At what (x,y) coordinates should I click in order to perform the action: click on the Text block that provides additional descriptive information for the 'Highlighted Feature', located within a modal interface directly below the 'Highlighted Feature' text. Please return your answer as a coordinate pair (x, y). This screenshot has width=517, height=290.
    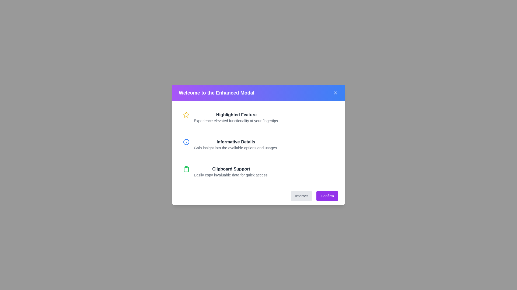
    Looking at the image, I should click on (236, 121).